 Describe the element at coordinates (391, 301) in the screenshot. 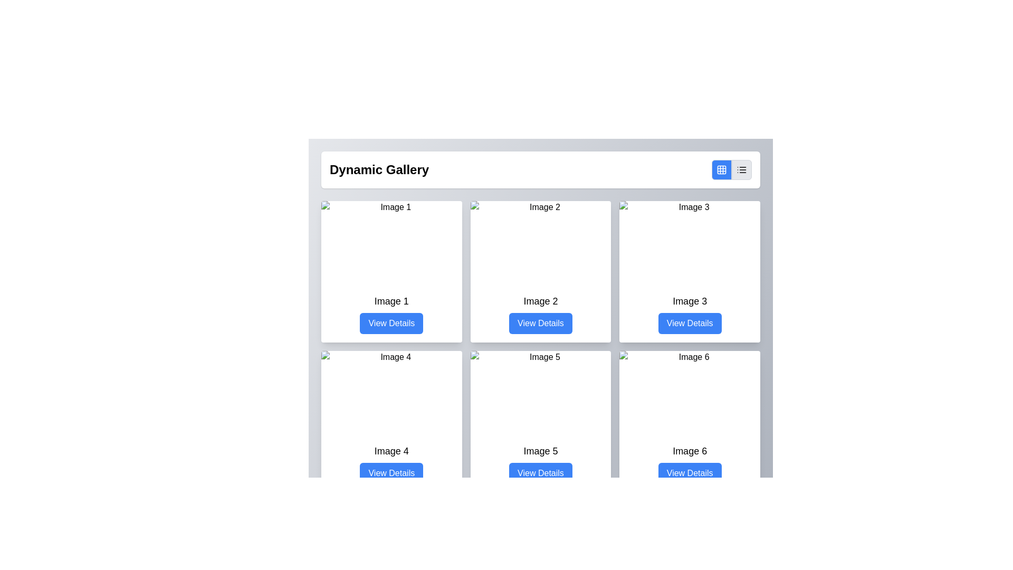

I see `the text label displaying 'Image 1' in bold font, located in the top-left card of a 3x2 grid layout` at that location.